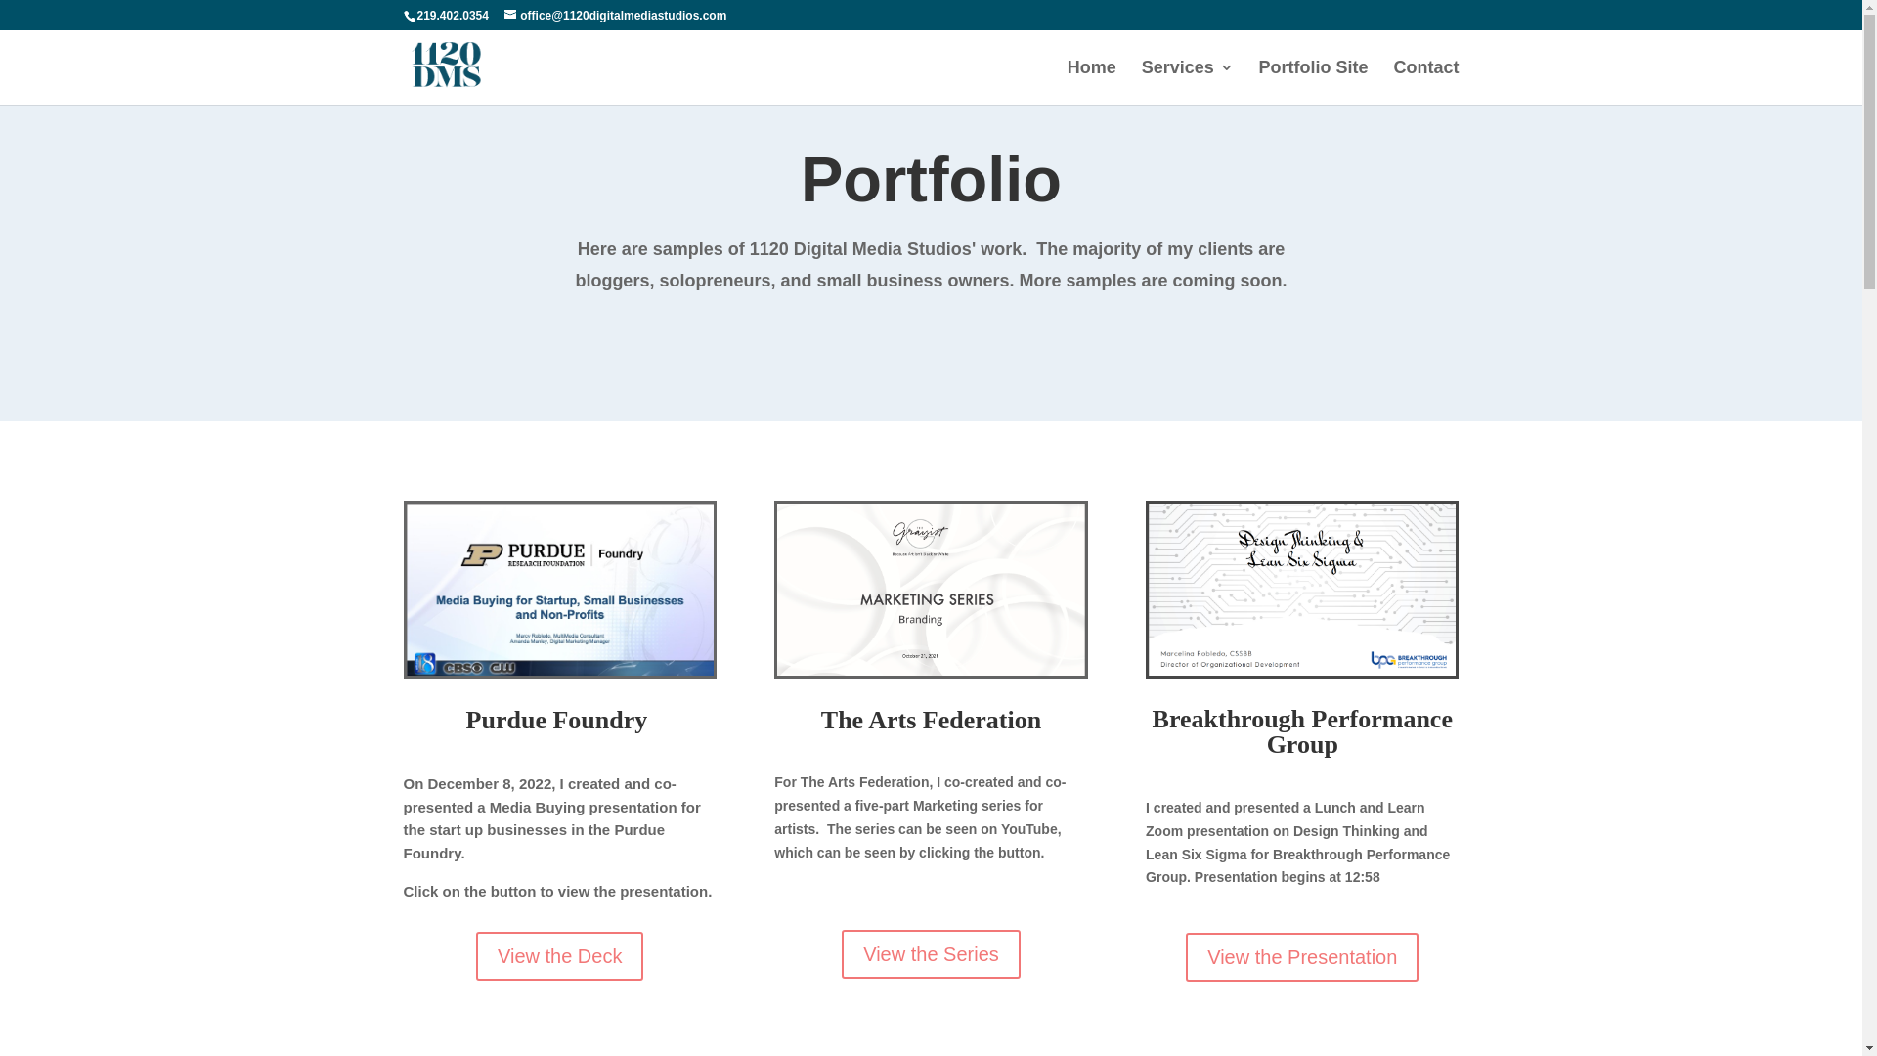  I want to click on 'View the Series', so click(930, 952).